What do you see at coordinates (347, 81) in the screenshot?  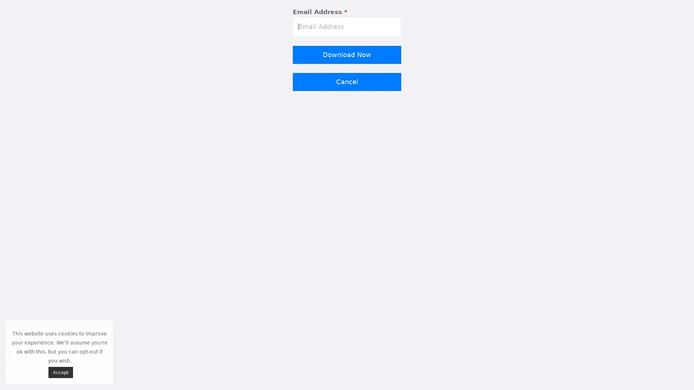 I see `Cancel` at bounding box center [347, 81].